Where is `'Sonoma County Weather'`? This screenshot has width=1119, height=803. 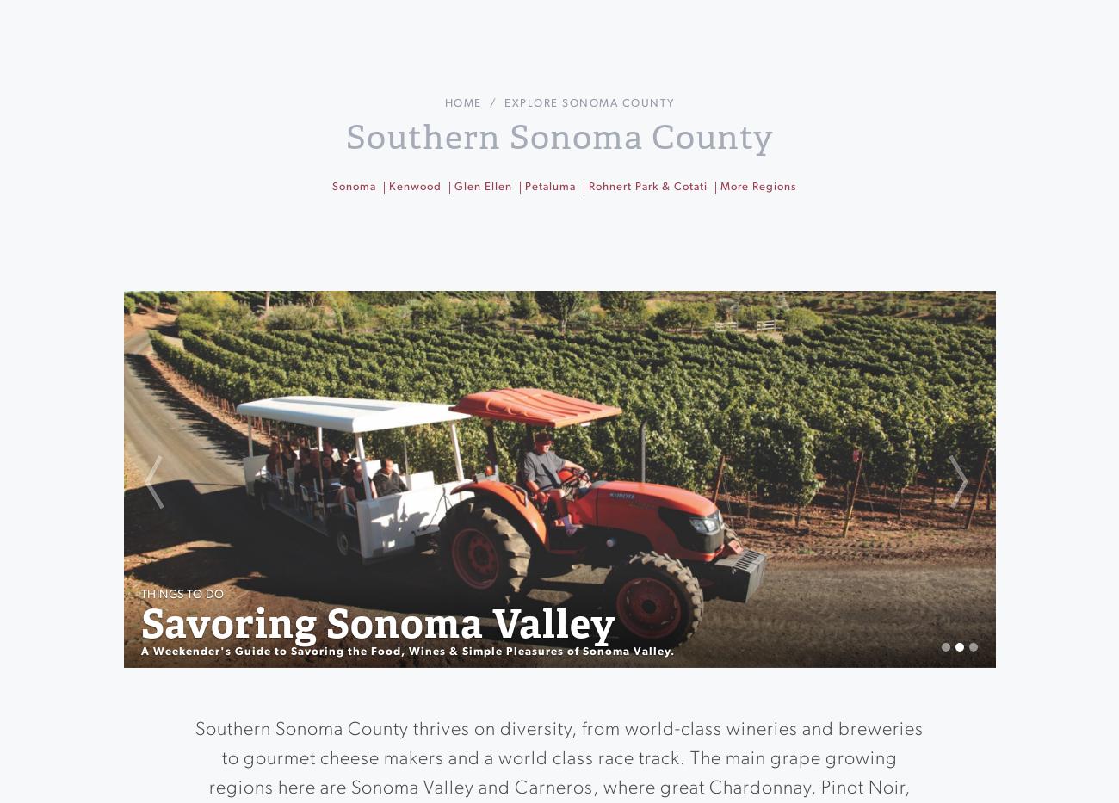
'Sonoma County Weather' is located at coordinates (597, 333).